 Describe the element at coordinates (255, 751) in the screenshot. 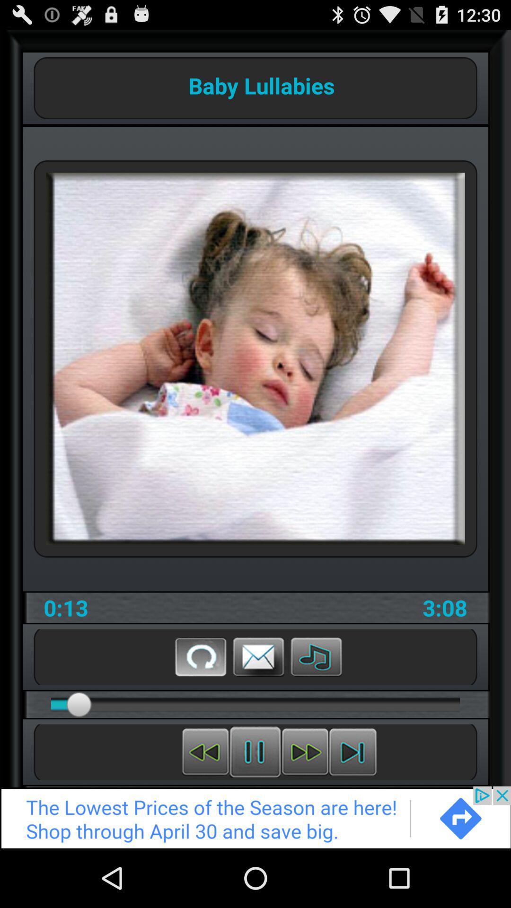

I see `pause lullaby` at that location.